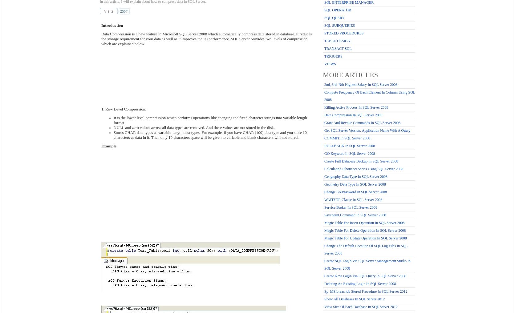 The height and width of the screenshot is (313, 515). I want to click on 'Create New Login via SQL Query in SQL Server 2008', so click(324, 276).